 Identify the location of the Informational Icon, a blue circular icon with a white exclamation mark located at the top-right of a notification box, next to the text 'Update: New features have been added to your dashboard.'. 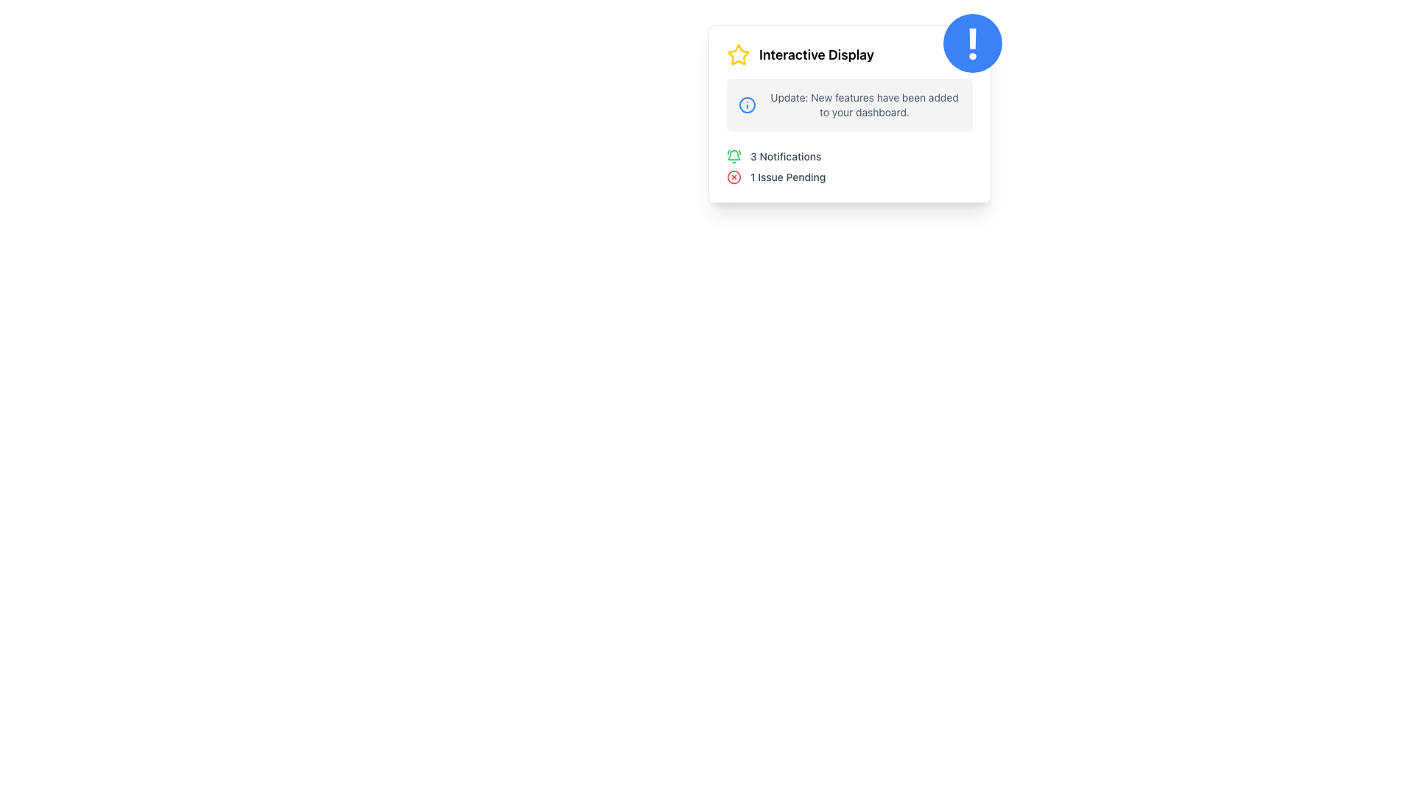
(747, 104).